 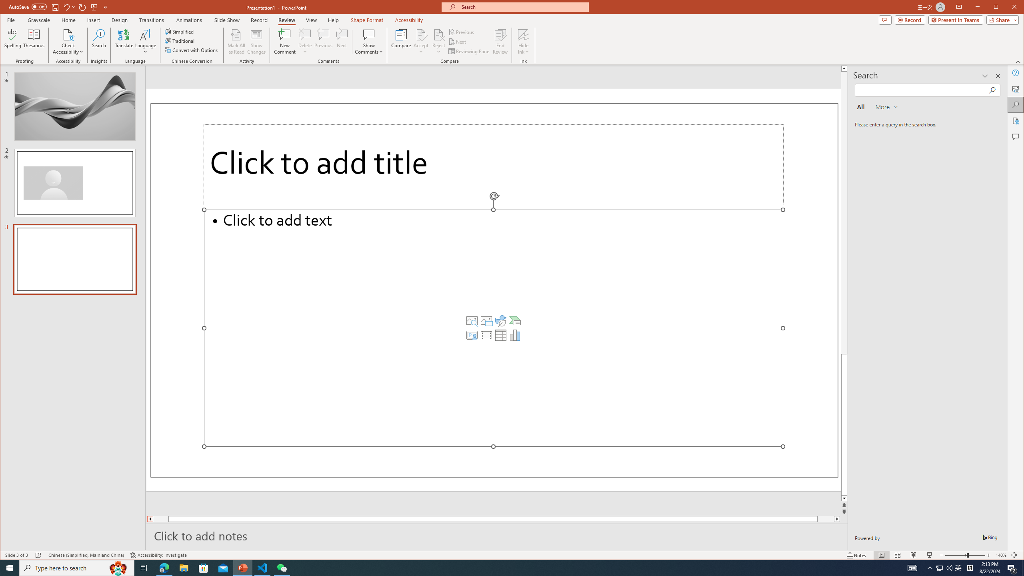 I want to click on 'Insert Chart', so click(x=515, y=335).